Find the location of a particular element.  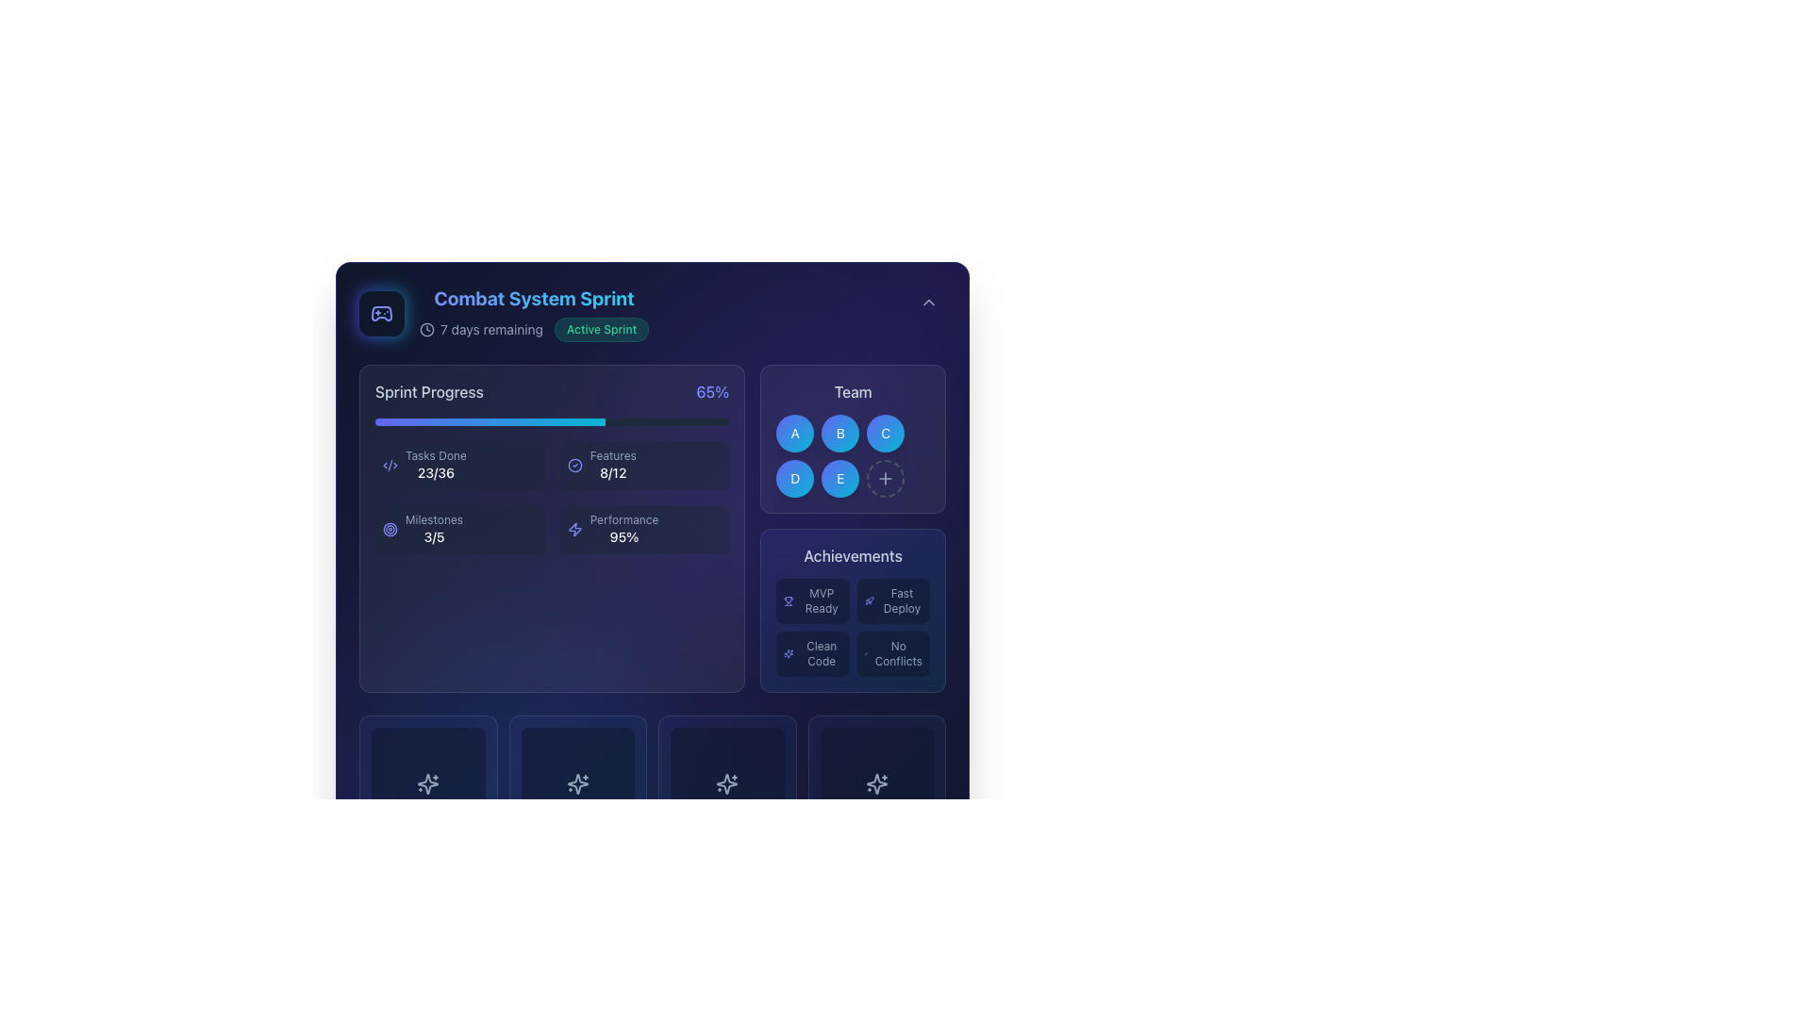

the button labeled 'B' in the 'Team' group, which is the second button in a row of five buttons is located at coordinates (839, 433).